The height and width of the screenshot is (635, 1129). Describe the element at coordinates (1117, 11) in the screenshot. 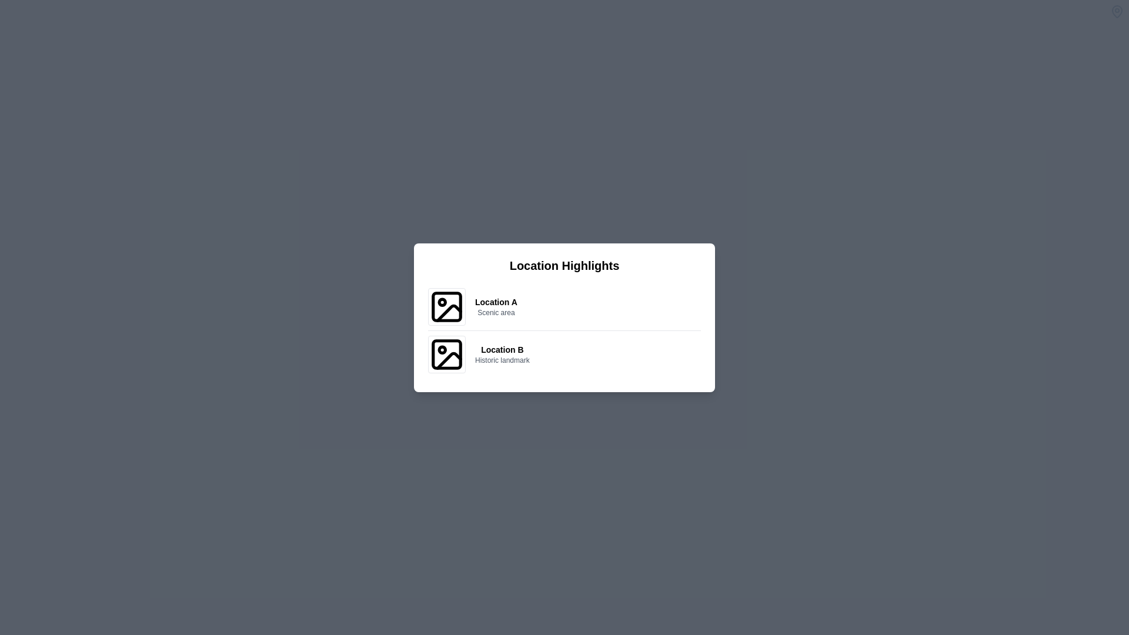

I see `the close button to hide the dialog` at that location.